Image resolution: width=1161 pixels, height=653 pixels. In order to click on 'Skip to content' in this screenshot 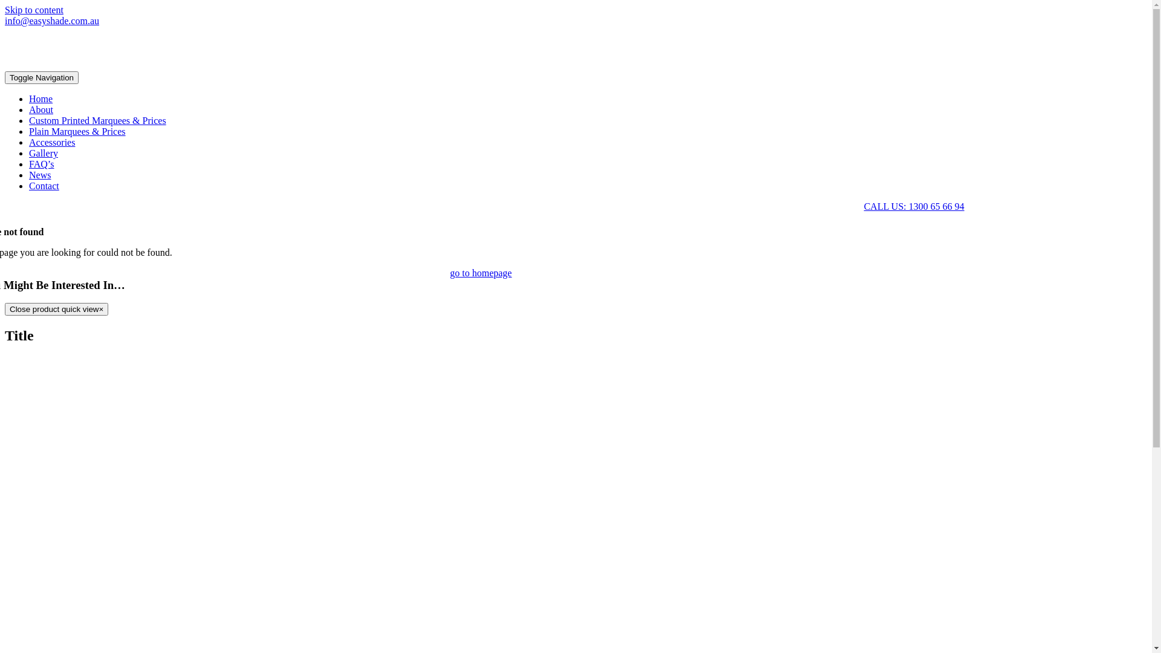, I will do `click(34, 10)`.